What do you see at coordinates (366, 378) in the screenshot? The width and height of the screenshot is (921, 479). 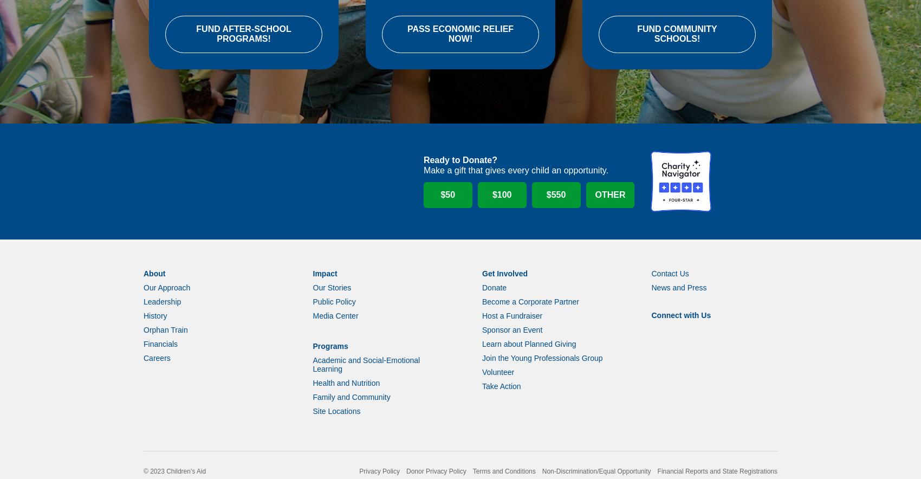 I see `'Academic and Social-Emotional Learning'` at bounding box center [366, 378].